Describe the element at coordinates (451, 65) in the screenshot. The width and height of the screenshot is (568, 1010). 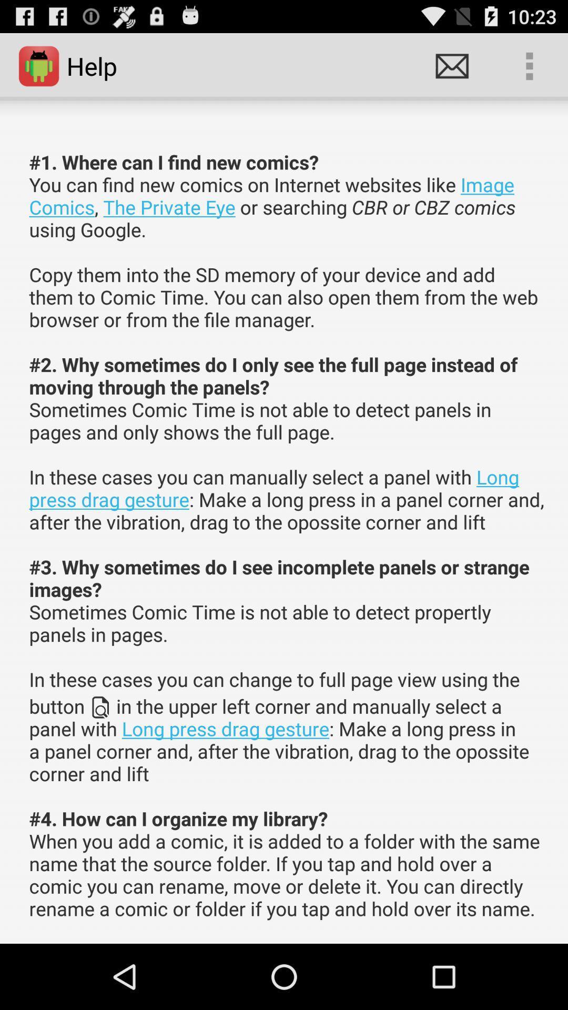
I see `the item above the 1 where can item` at that location.